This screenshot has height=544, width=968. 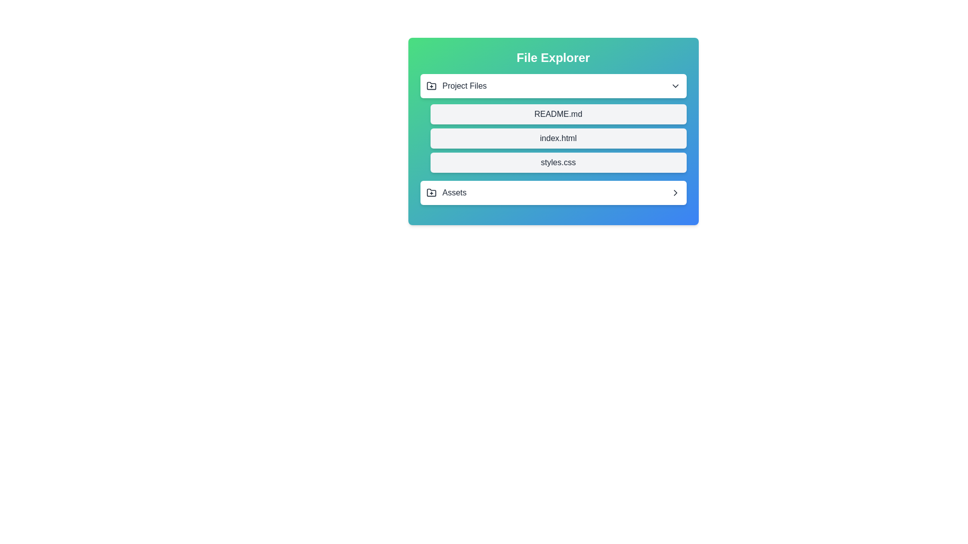 I want to click on the 'index.html' file item located, so click(x=553, y=140).